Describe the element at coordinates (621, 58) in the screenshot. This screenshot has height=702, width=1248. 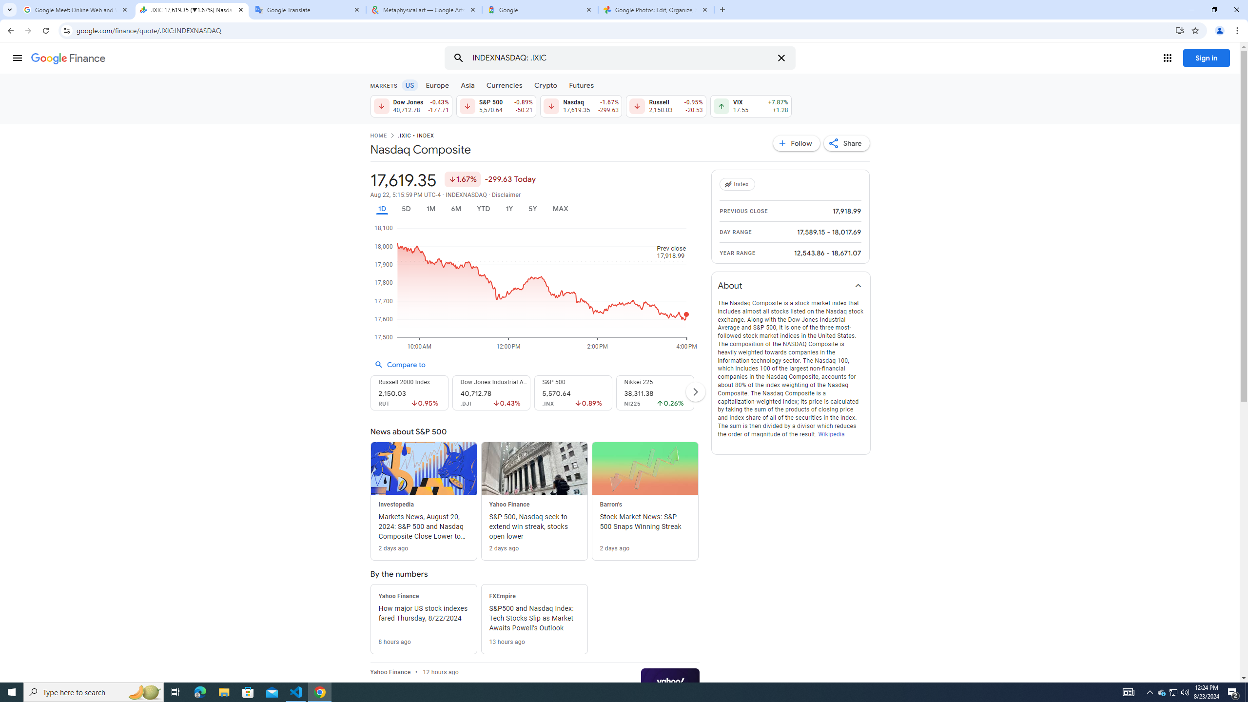
I see `'Search for stocks, ETFs & more'` at that location.